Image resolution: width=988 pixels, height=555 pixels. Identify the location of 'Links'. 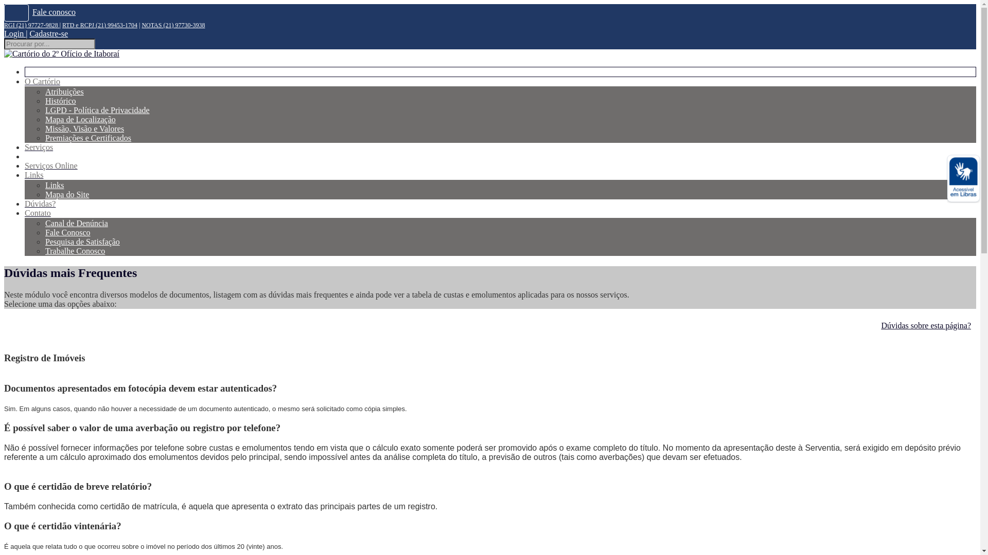
(54, 185).